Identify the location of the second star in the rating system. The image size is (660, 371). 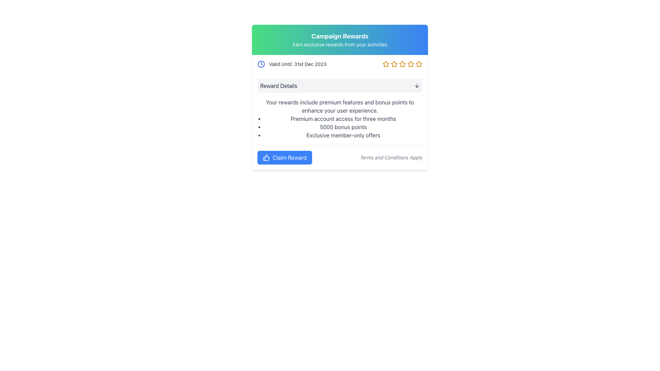
(394, 64).